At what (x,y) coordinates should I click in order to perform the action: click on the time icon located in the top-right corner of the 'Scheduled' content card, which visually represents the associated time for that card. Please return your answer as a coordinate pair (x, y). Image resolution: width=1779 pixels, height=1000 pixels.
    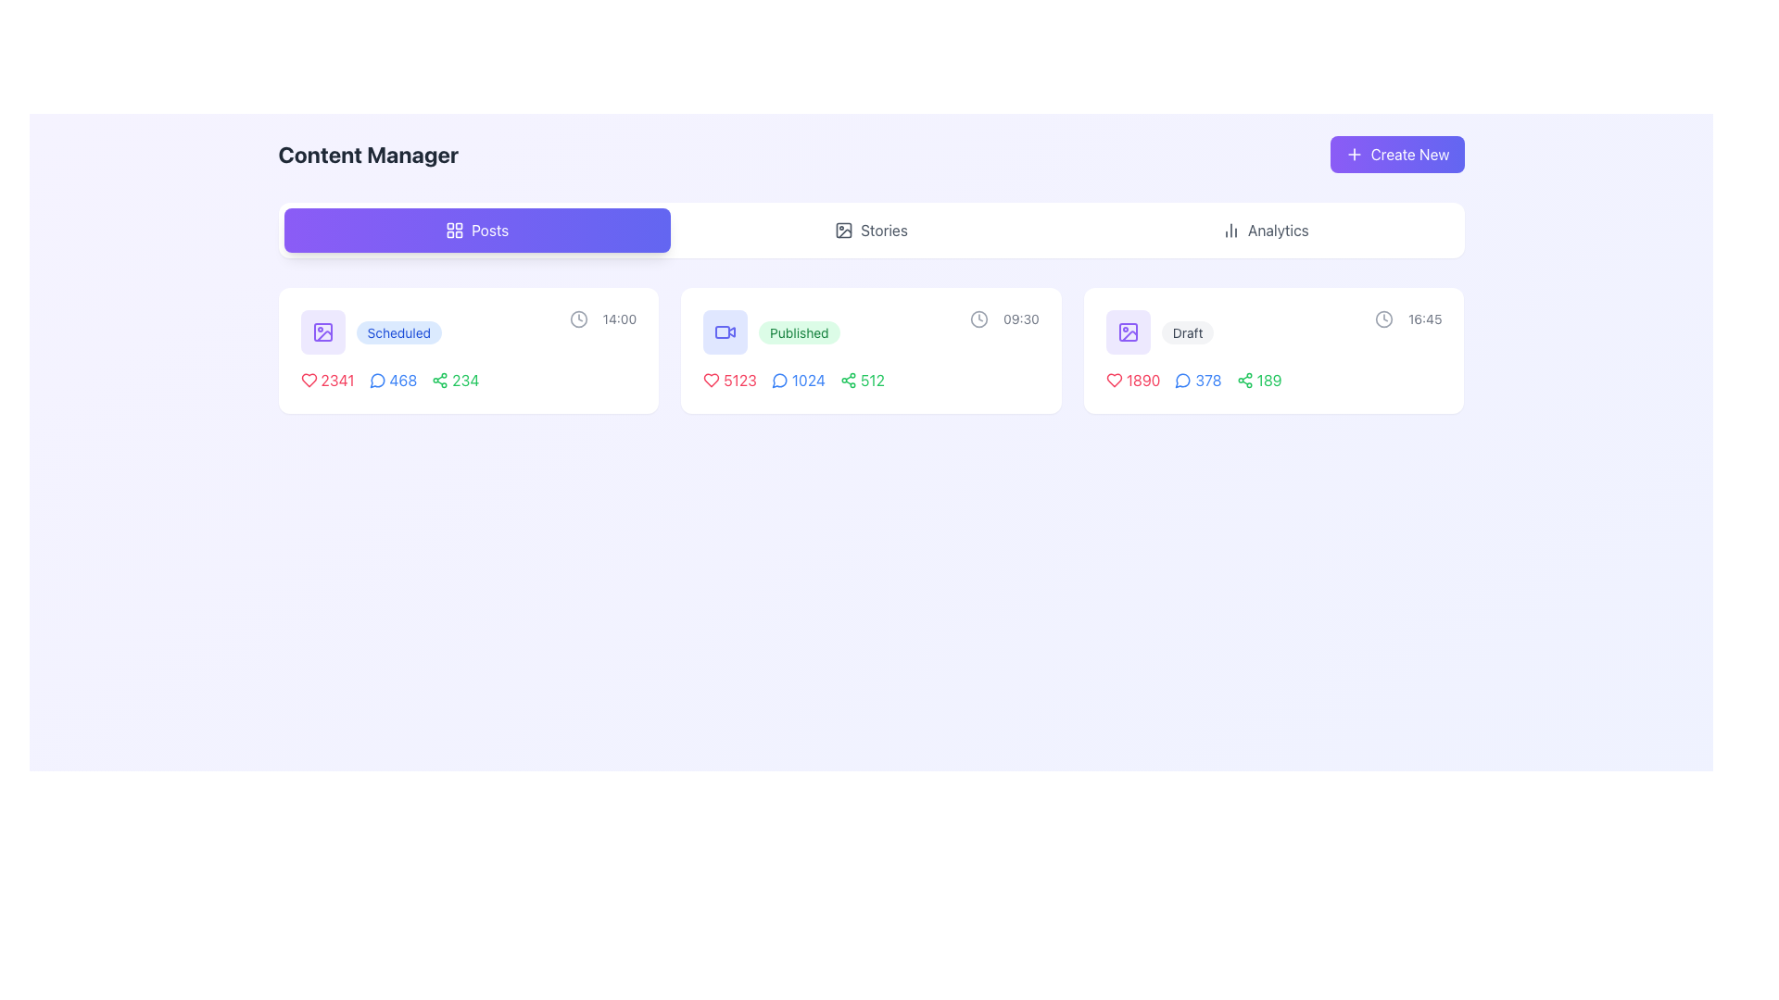
    Looking at the image, I should click on (577, 318).